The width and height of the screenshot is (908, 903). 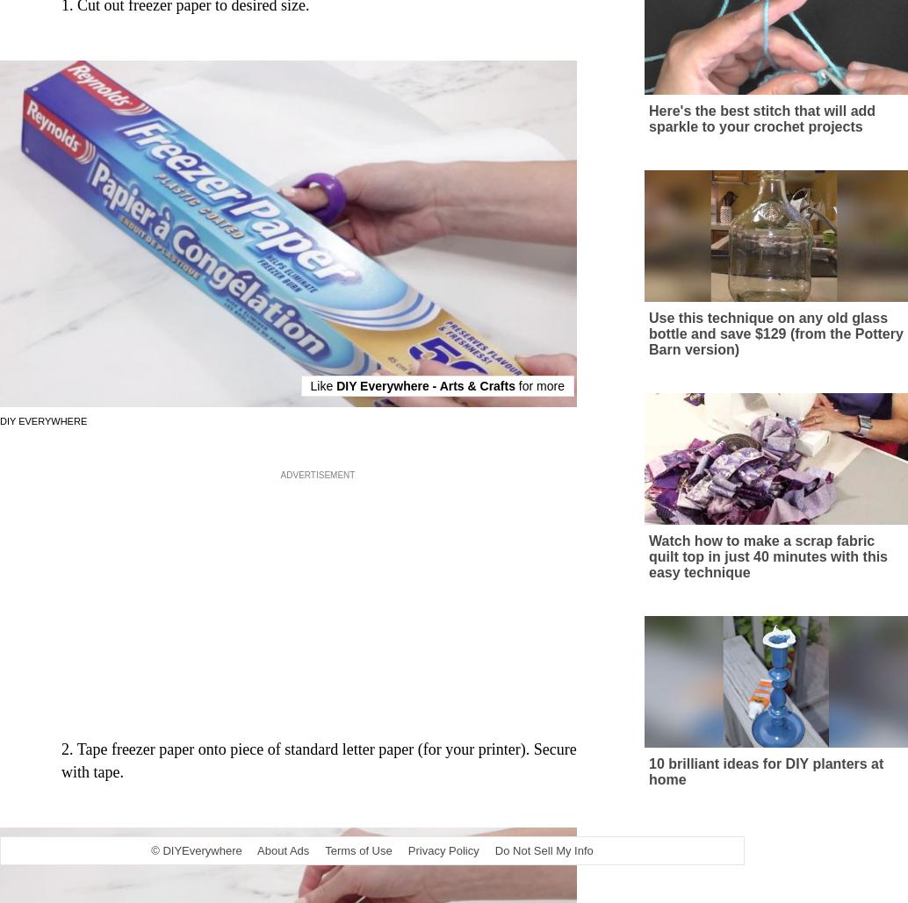 What do you see at coordinates (43, 437) in the screenshot?
I see `'DIY Everywhere'` at bounding box center [43, 437].